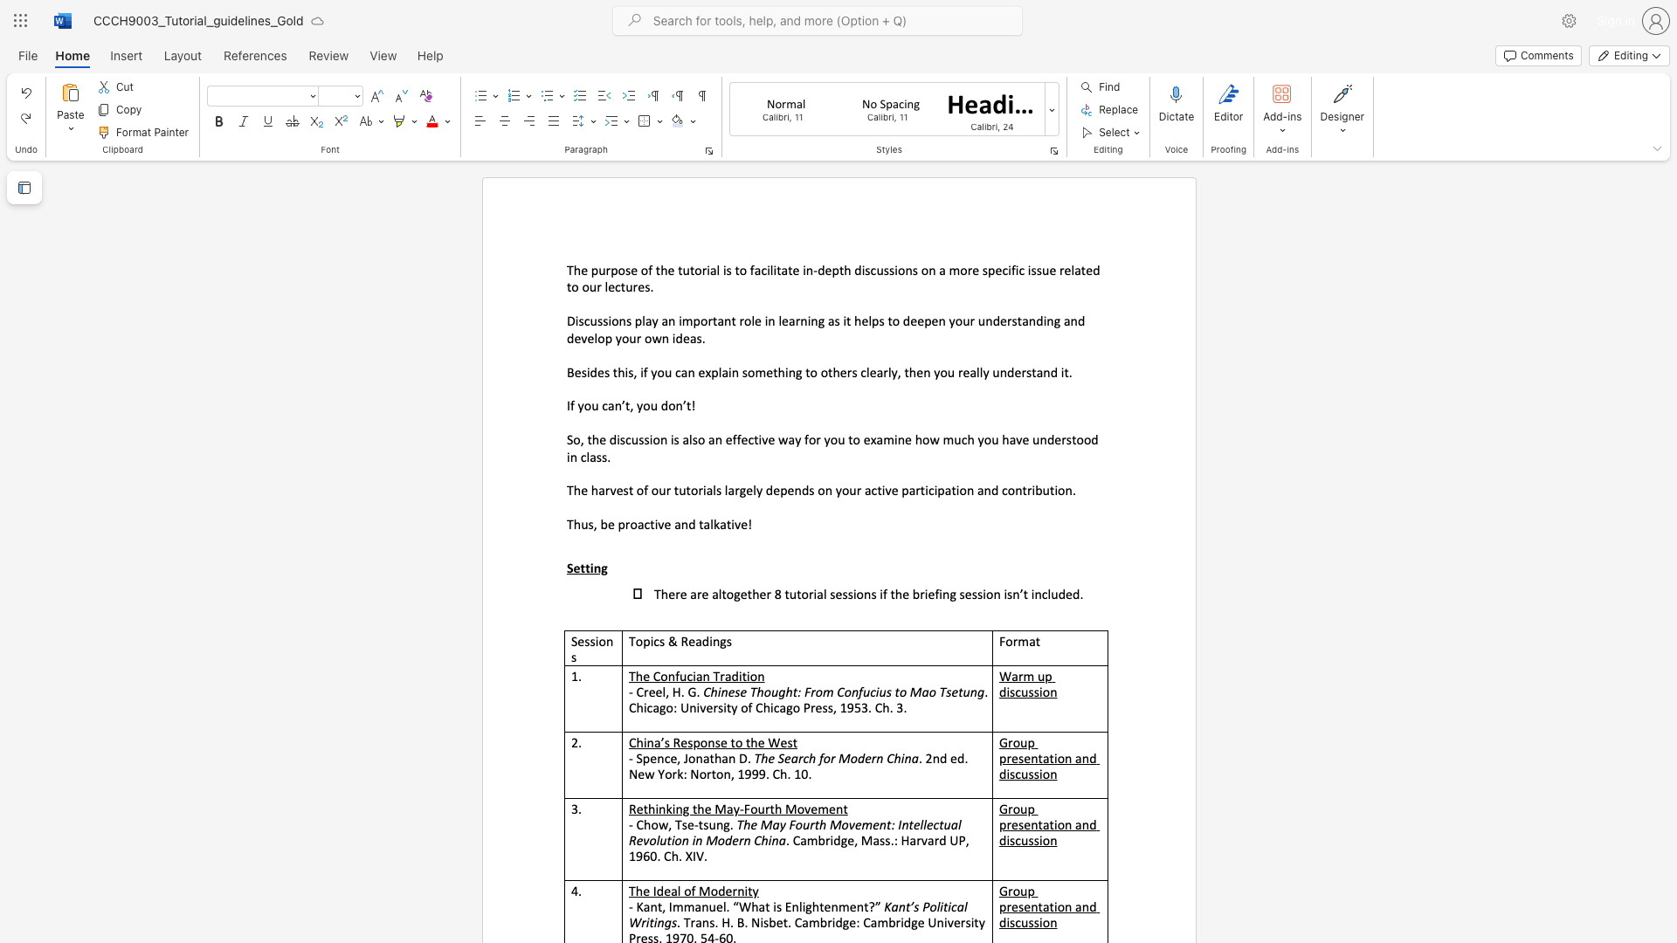  Describe the element at coordinates (629, 855) in the screenshot. I see `the subset text "1960. Ch. XIV." within the text ". Cambridge, Mass.: Harvard UP, 1960. Ch. XIV."` at that location.